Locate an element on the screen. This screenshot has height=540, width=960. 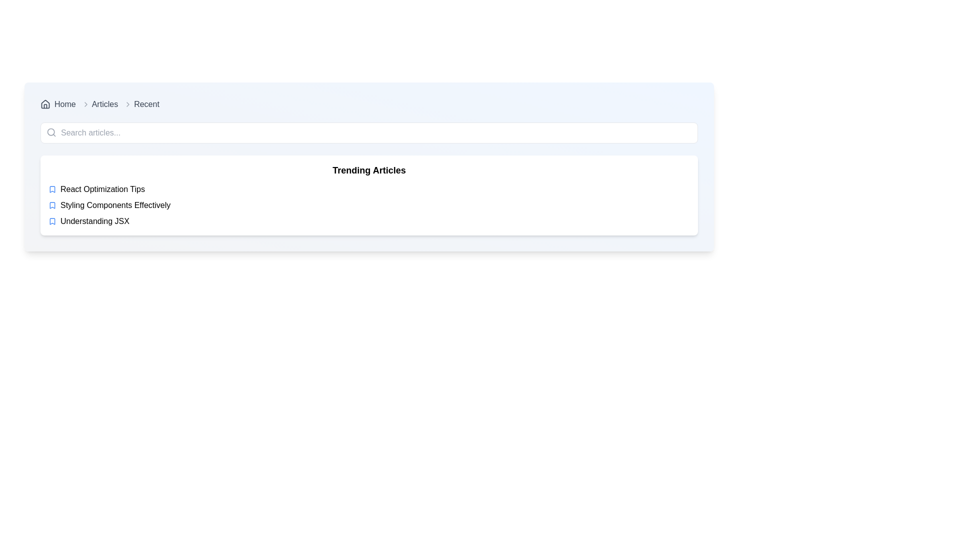
the circular part of the search icon located within the leftmost portion of the search bar component is located at coordinates (50, 131).